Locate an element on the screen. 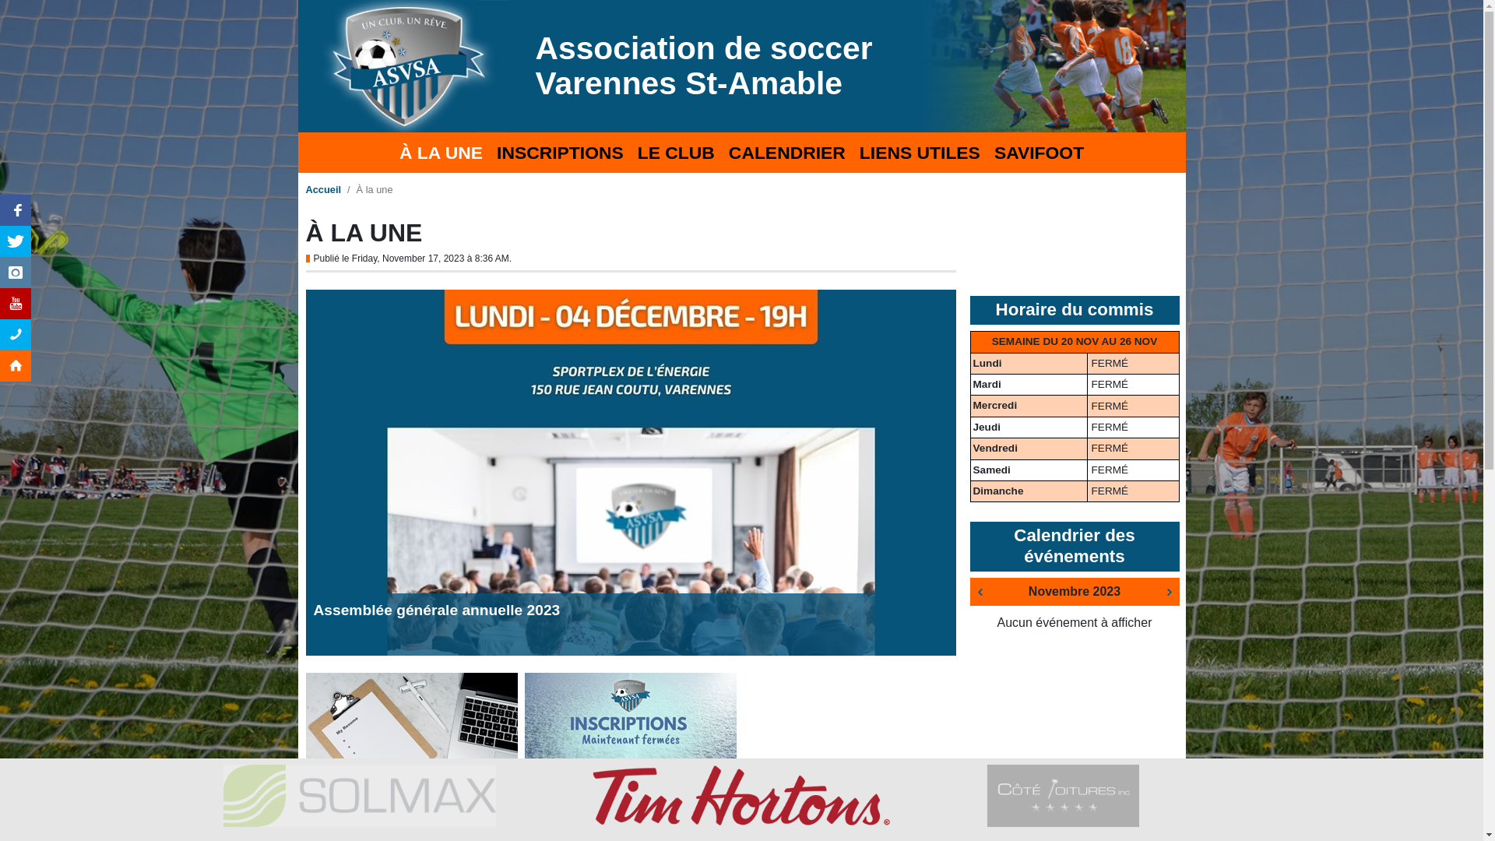 The height and width of the screenshot is (841, 1495). 'LE CLUB' is located at coordinates (676, 153).